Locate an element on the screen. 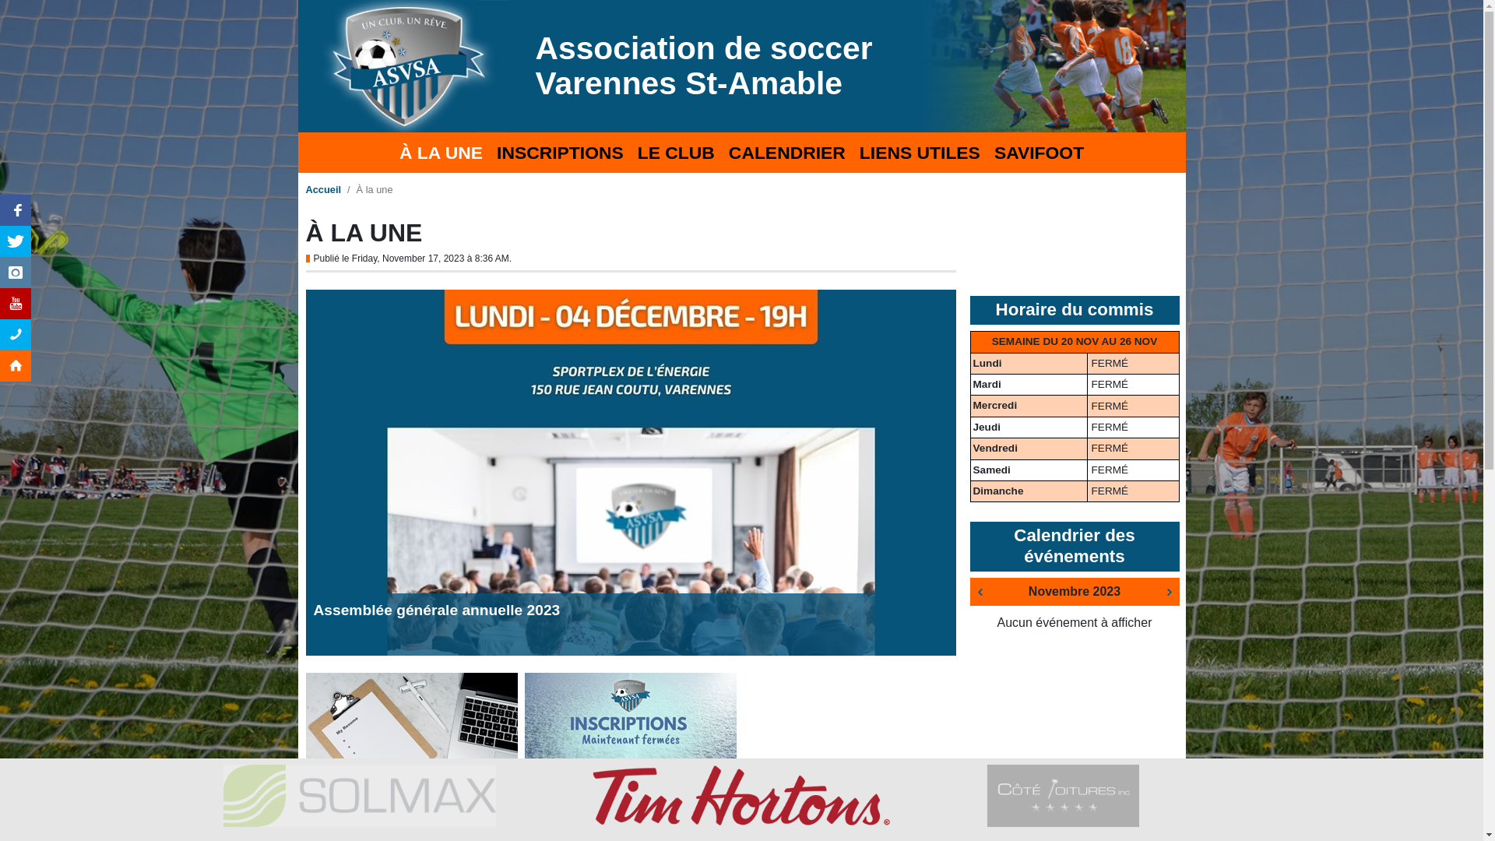 The height and width of the screenshot is (841, 1495). 'LE CLUB' is located at coordinates (676, 153).